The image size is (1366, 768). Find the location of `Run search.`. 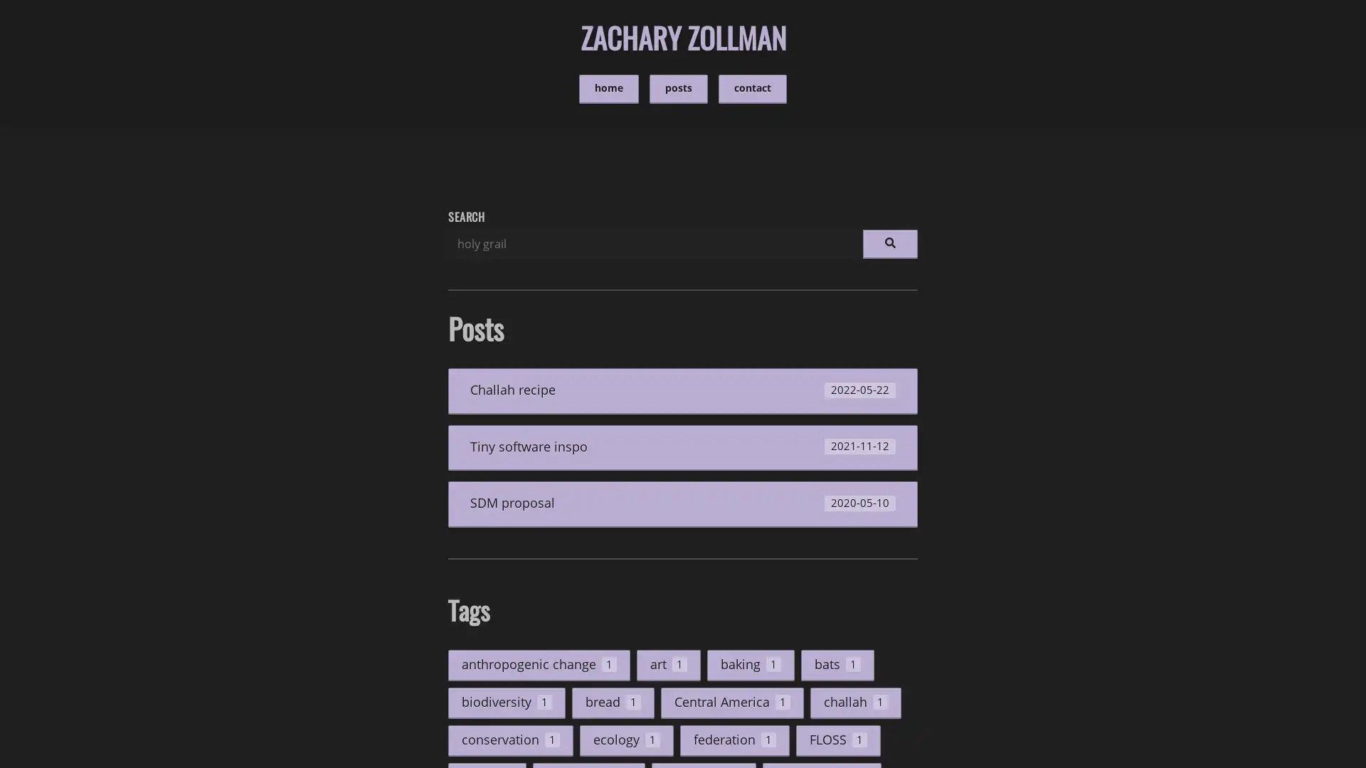

Run search. is located at coordinates (889, 242).